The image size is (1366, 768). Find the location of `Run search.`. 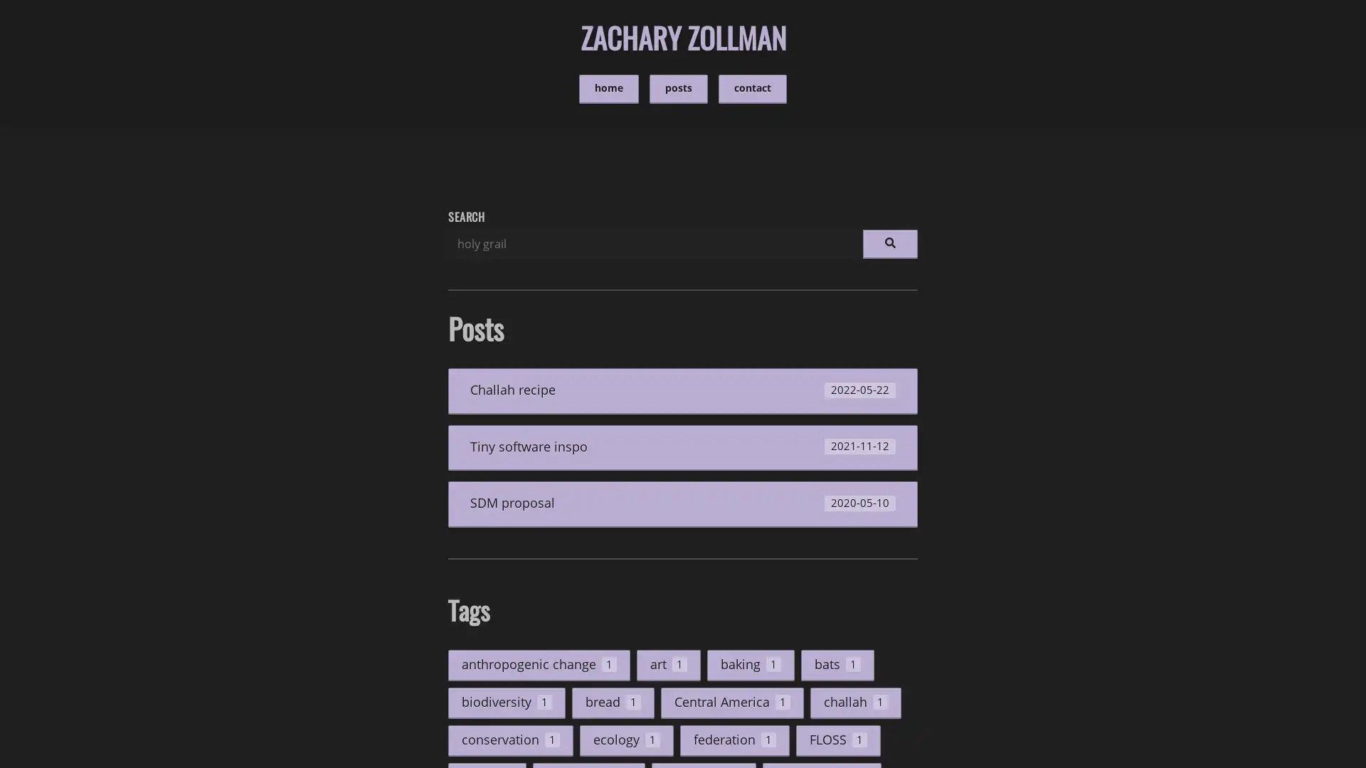

Run search. is located at coordinates (889, 242).